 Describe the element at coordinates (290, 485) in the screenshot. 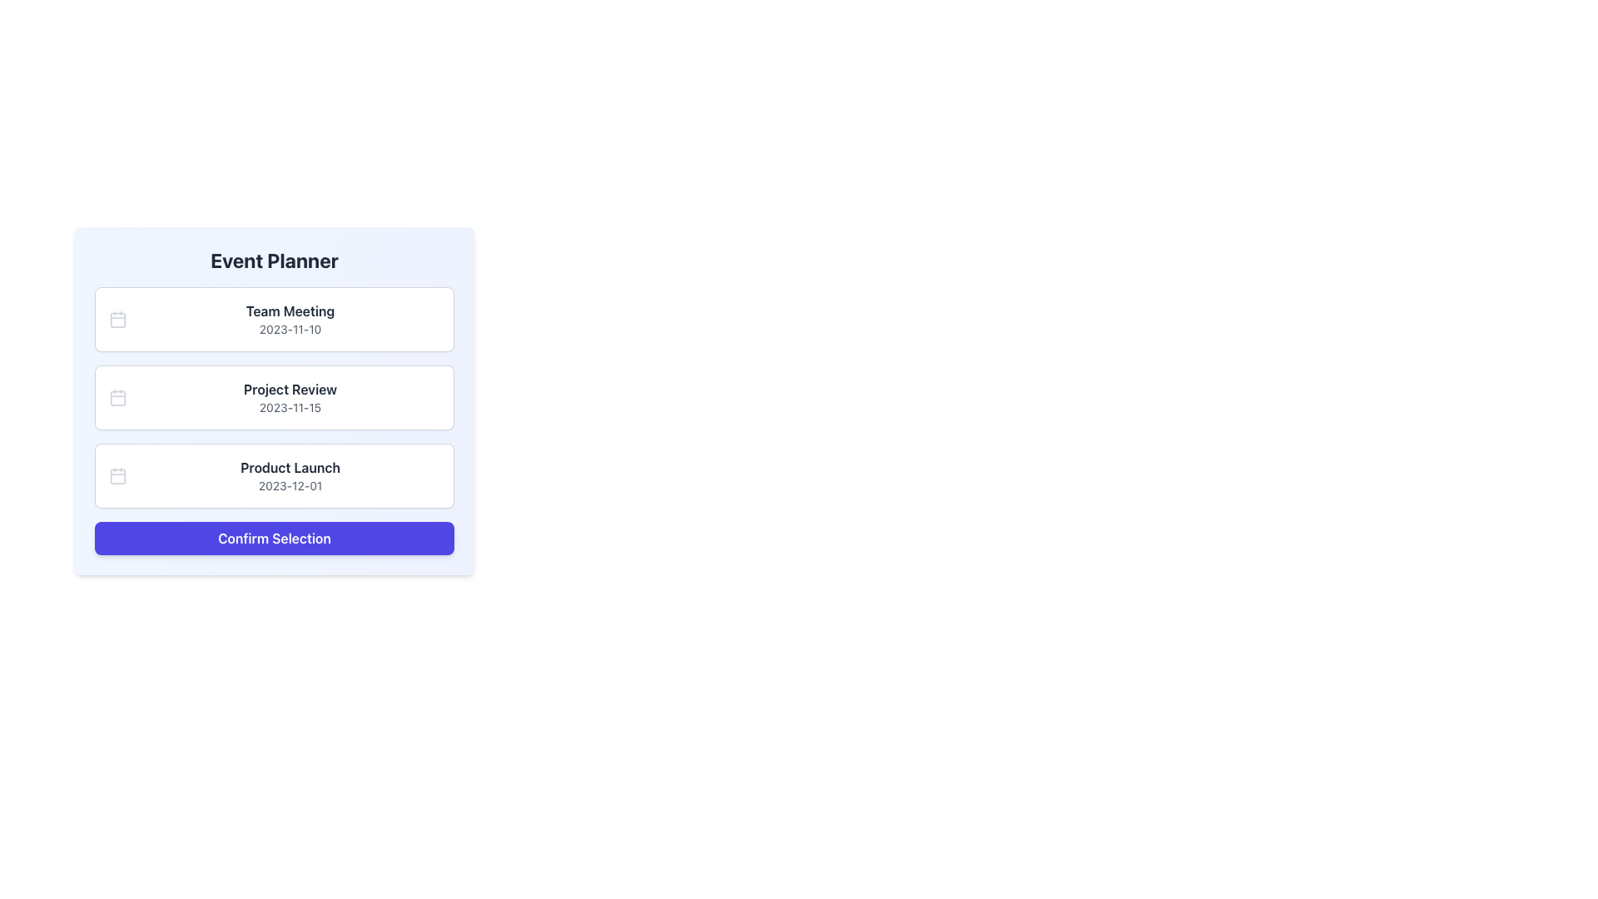

I see `the text label displaying the date '2023-12-01' located under the 'Product Launch' section in the event planner interface` at that location.